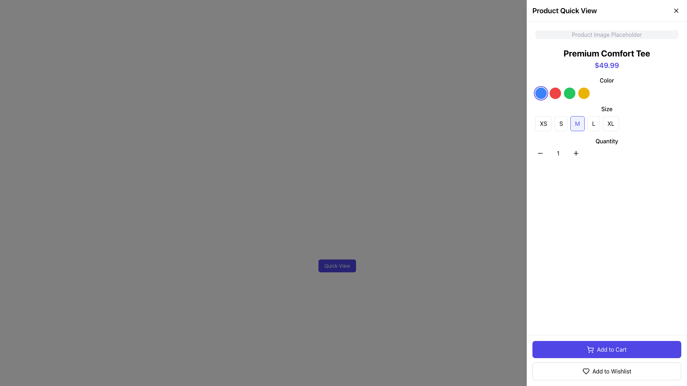  I want to click on the heart-shaped icon used for 'like' or 'wishlist' action located within the 'Add to Wishlist' button beneath the 'Add to Cart' button on the right-side panel, so click(586, 371).